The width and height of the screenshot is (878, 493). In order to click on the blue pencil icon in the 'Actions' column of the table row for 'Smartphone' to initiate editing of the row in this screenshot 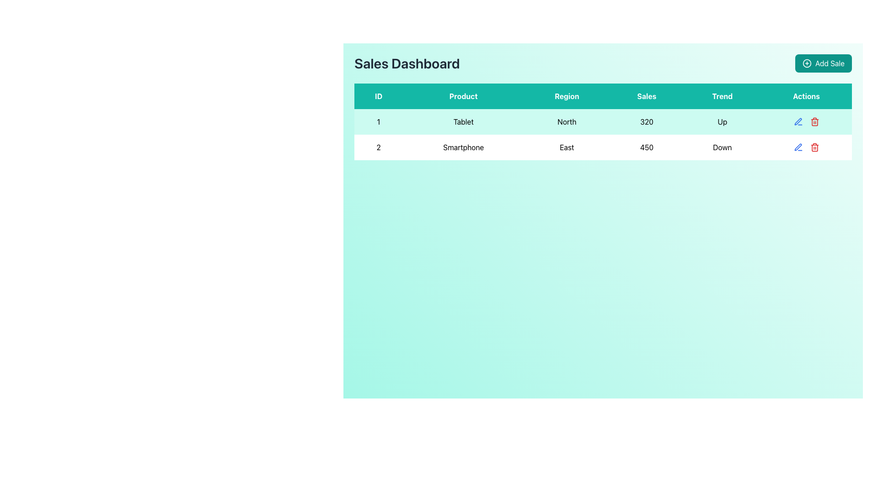, I will do `click(798, 121)`.